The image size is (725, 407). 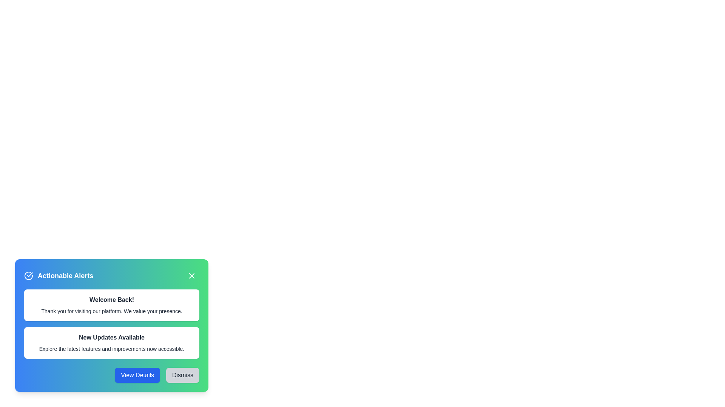 I want to click on close button to dismiss the alert box, so click(x=192, y=276).